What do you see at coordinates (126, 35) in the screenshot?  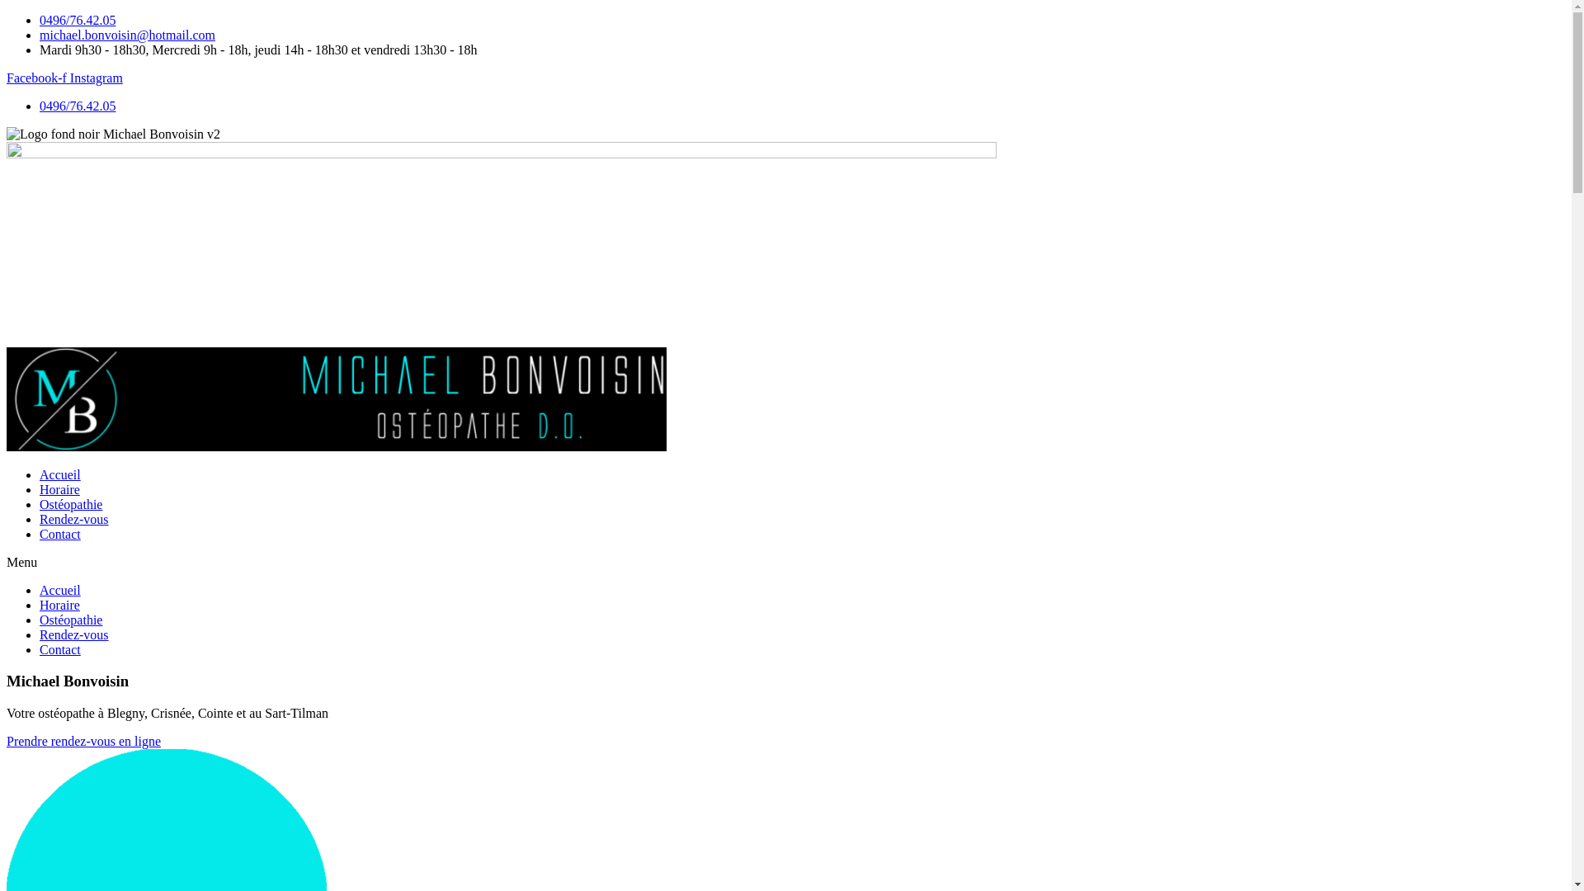 I see `'michael.bonvoisin@hotmail.com'` at bounding box center [126, 35].